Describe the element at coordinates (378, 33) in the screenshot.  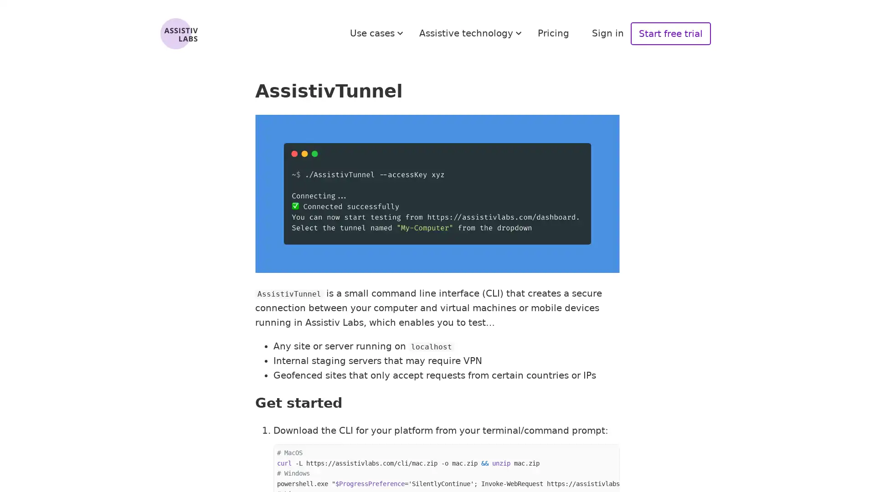
I see `Use cases` at that location.